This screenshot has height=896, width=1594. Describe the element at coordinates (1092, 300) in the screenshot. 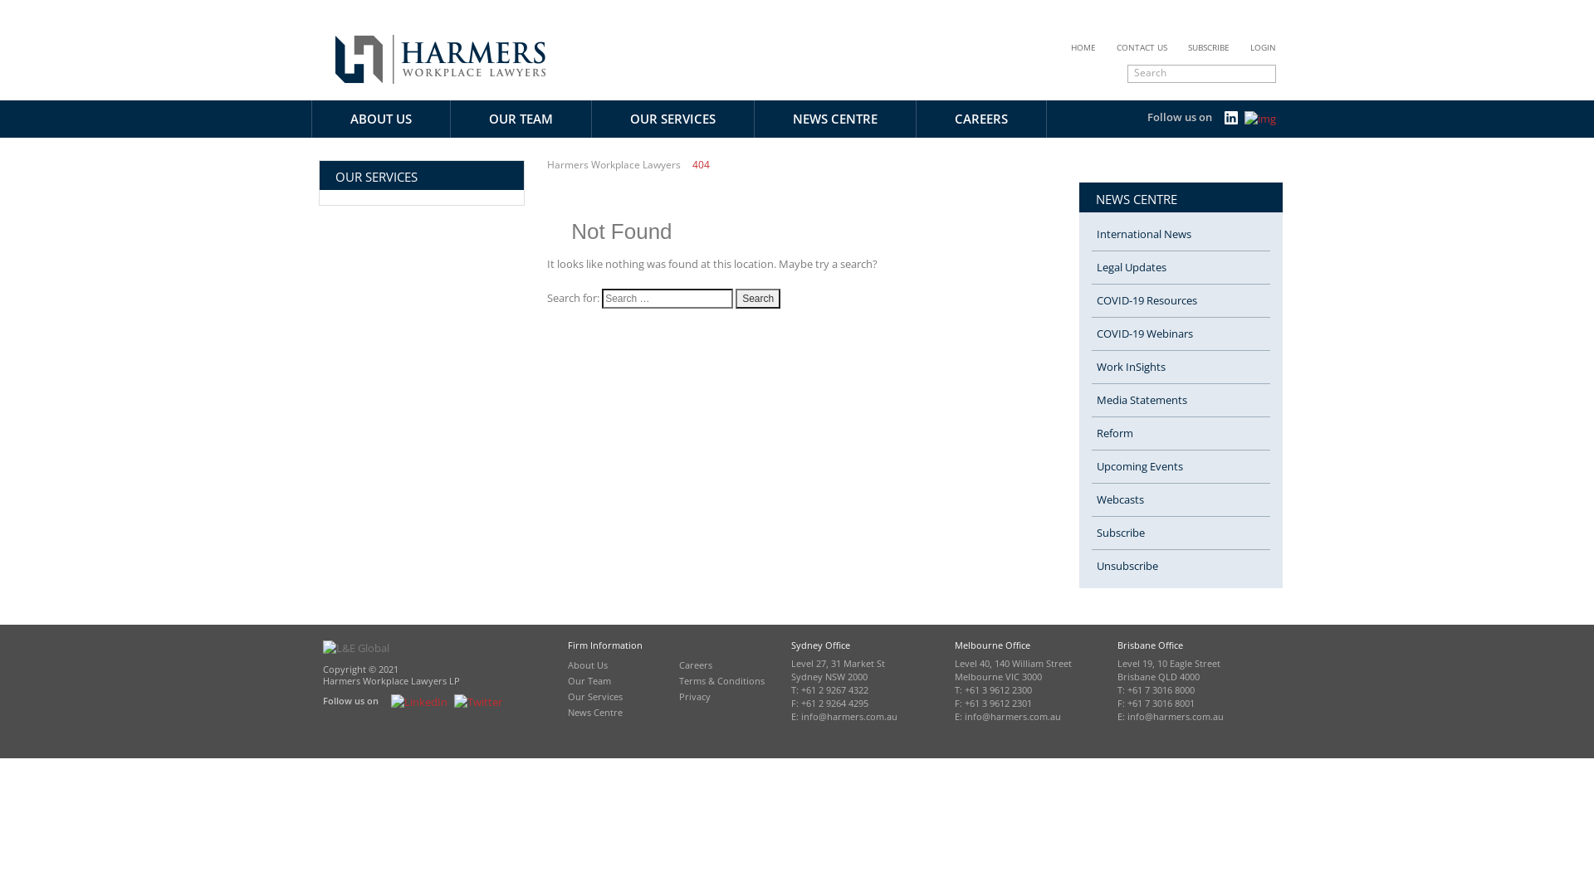

I see `'COVID-19 Resources'` at that location.